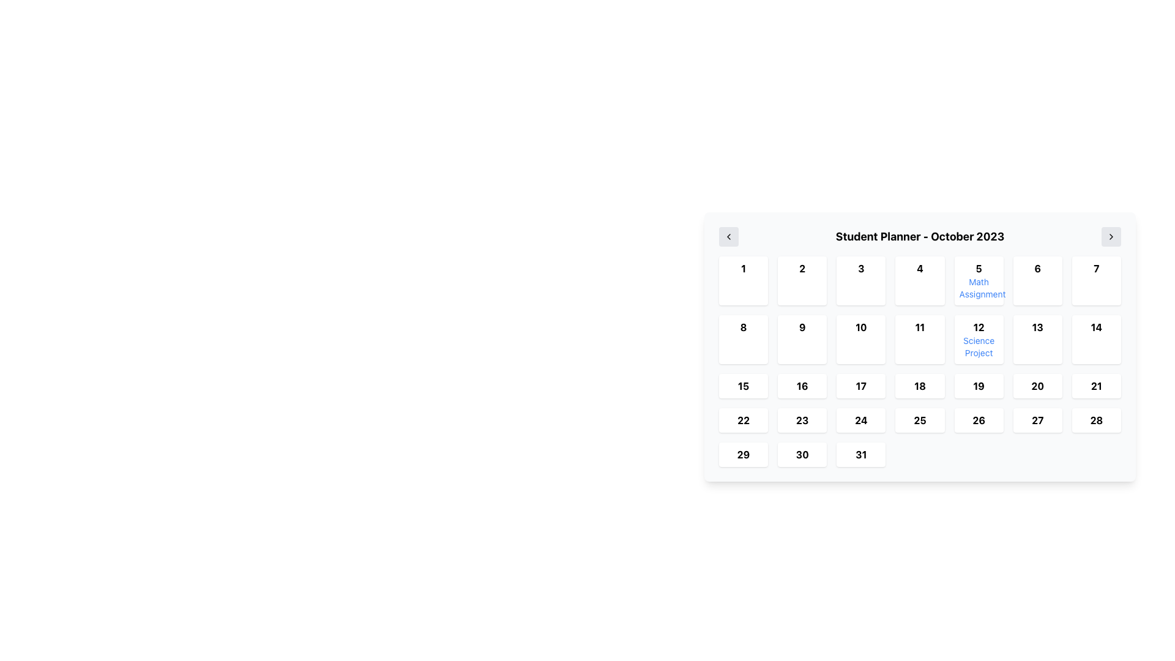 This screenshot has width=1175, height=661. Describe the element at coordinates (860, 327) in the screenshot. I see `the label indicating the day number '10' in the calendar for October 2023, located in the third row and second column of the grid-like layout` at that location.